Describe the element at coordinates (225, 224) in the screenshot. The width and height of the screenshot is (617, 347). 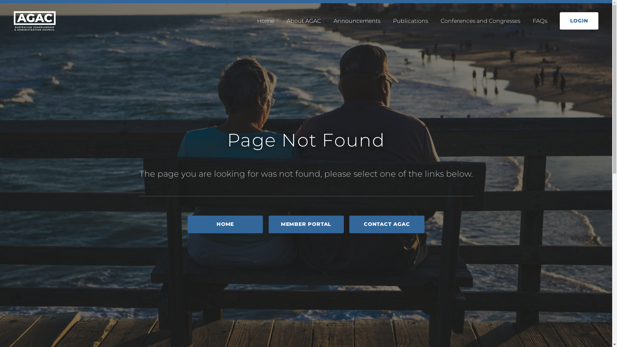
I see `'HOME'` at that location.